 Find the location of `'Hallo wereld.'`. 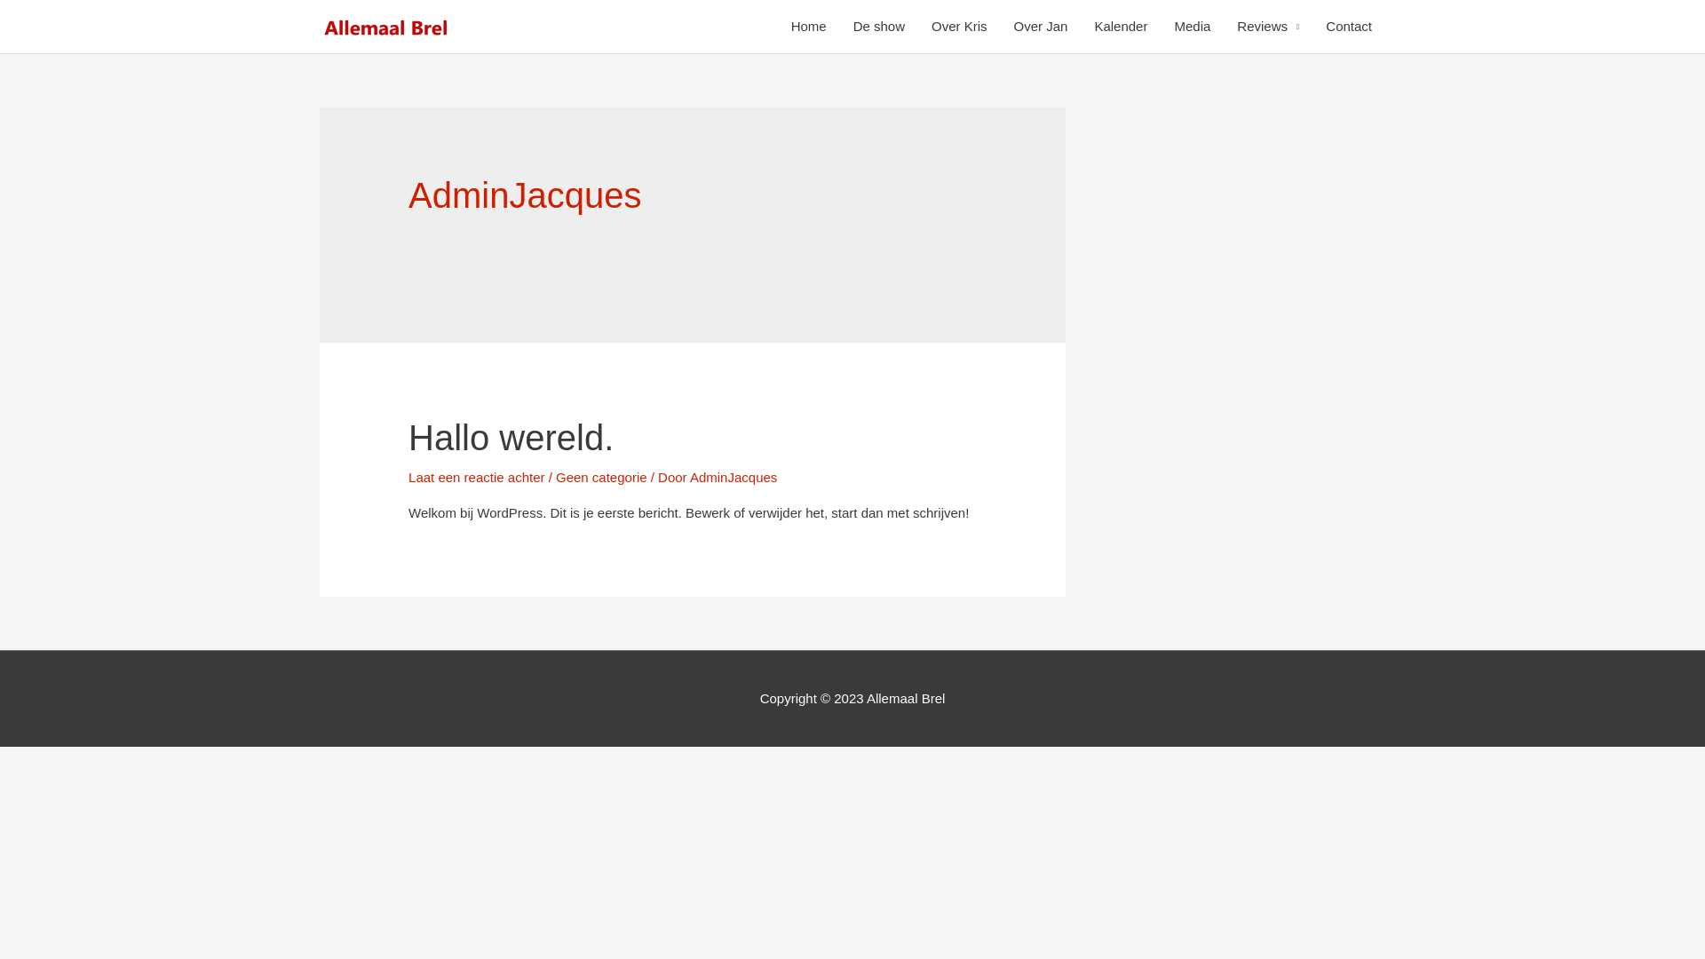

'Hallo wereld.' is located at coordinates (510, 438).